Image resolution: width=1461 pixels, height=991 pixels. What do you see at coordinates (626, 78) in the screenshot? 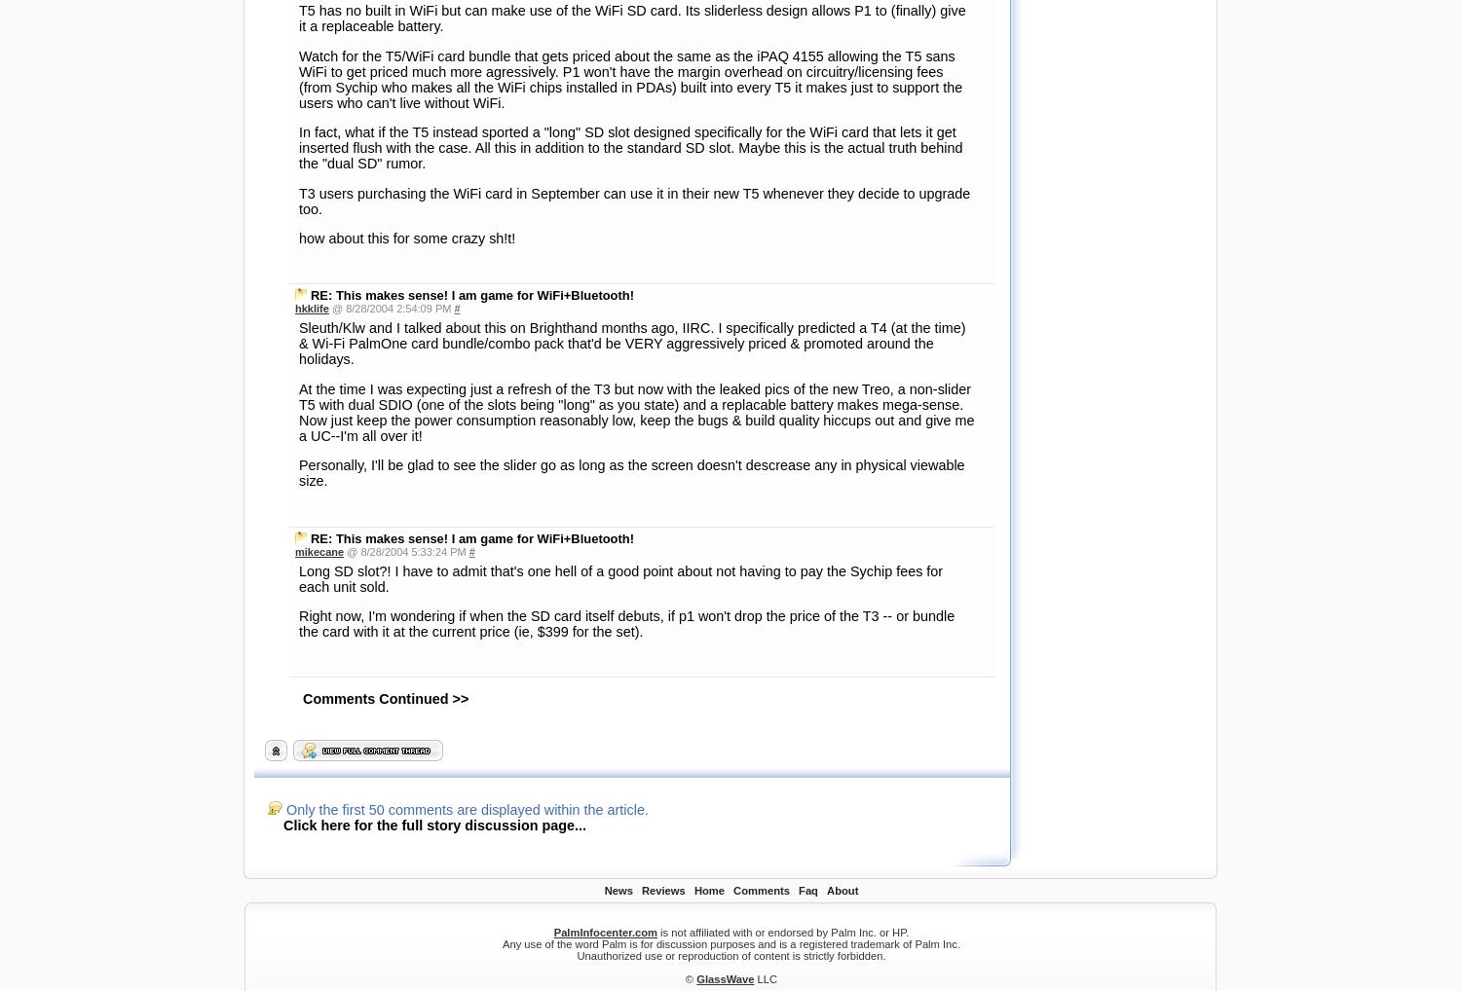
I see `'Right now, I'm wondering if when the SD card itself debuts, if p1 won't drop the price of the T3 -- or bundle the card with it at the current price (ie, $399 for the set).'` at bounding box center [626, 78].